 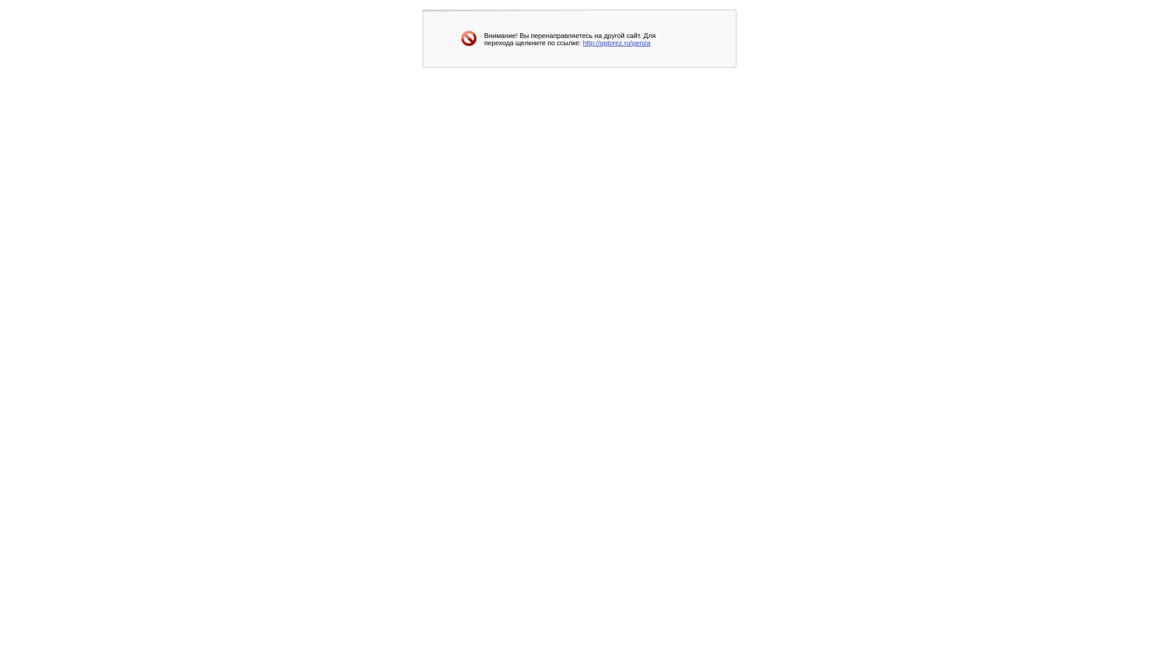 I want to click on 'http://optorez.ru/penza', so click(x=583, y=41).